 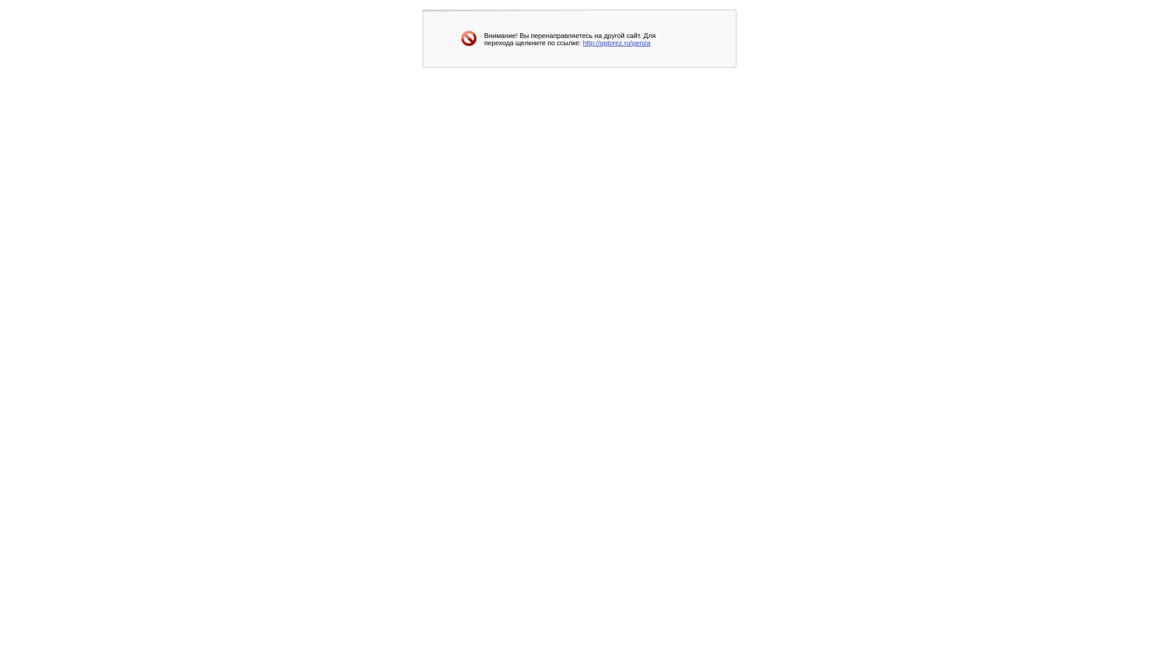 I want to click on 'http://optorez.ru/penza', so click(x=583, y=41).